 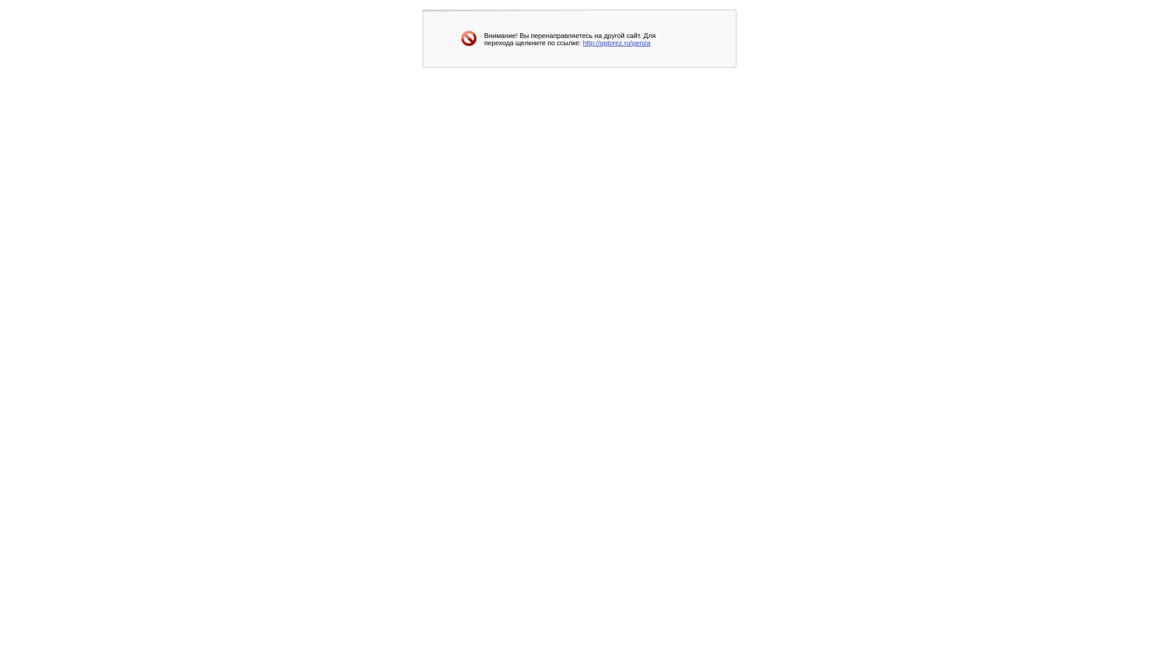 I want to click on 'http://optorez.ru/penza', so click(x=583, y=41).